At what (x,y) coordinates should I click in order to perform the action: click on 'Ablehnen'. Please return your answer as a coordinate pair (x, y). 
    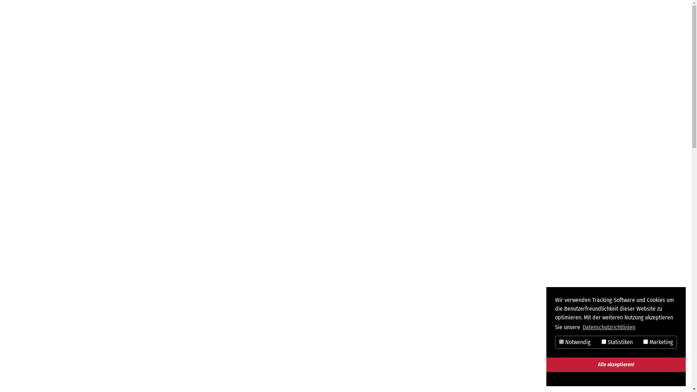
    Looking at the image, I should click on (651, 379).